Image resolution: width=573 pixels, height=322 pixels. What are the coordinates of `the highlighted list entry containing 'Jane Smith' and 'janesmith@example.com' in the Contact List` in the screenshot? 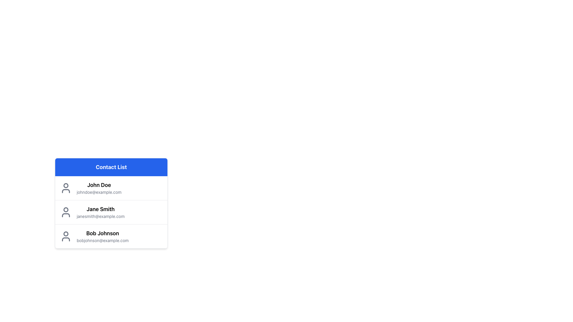 It's located at (111, 212).